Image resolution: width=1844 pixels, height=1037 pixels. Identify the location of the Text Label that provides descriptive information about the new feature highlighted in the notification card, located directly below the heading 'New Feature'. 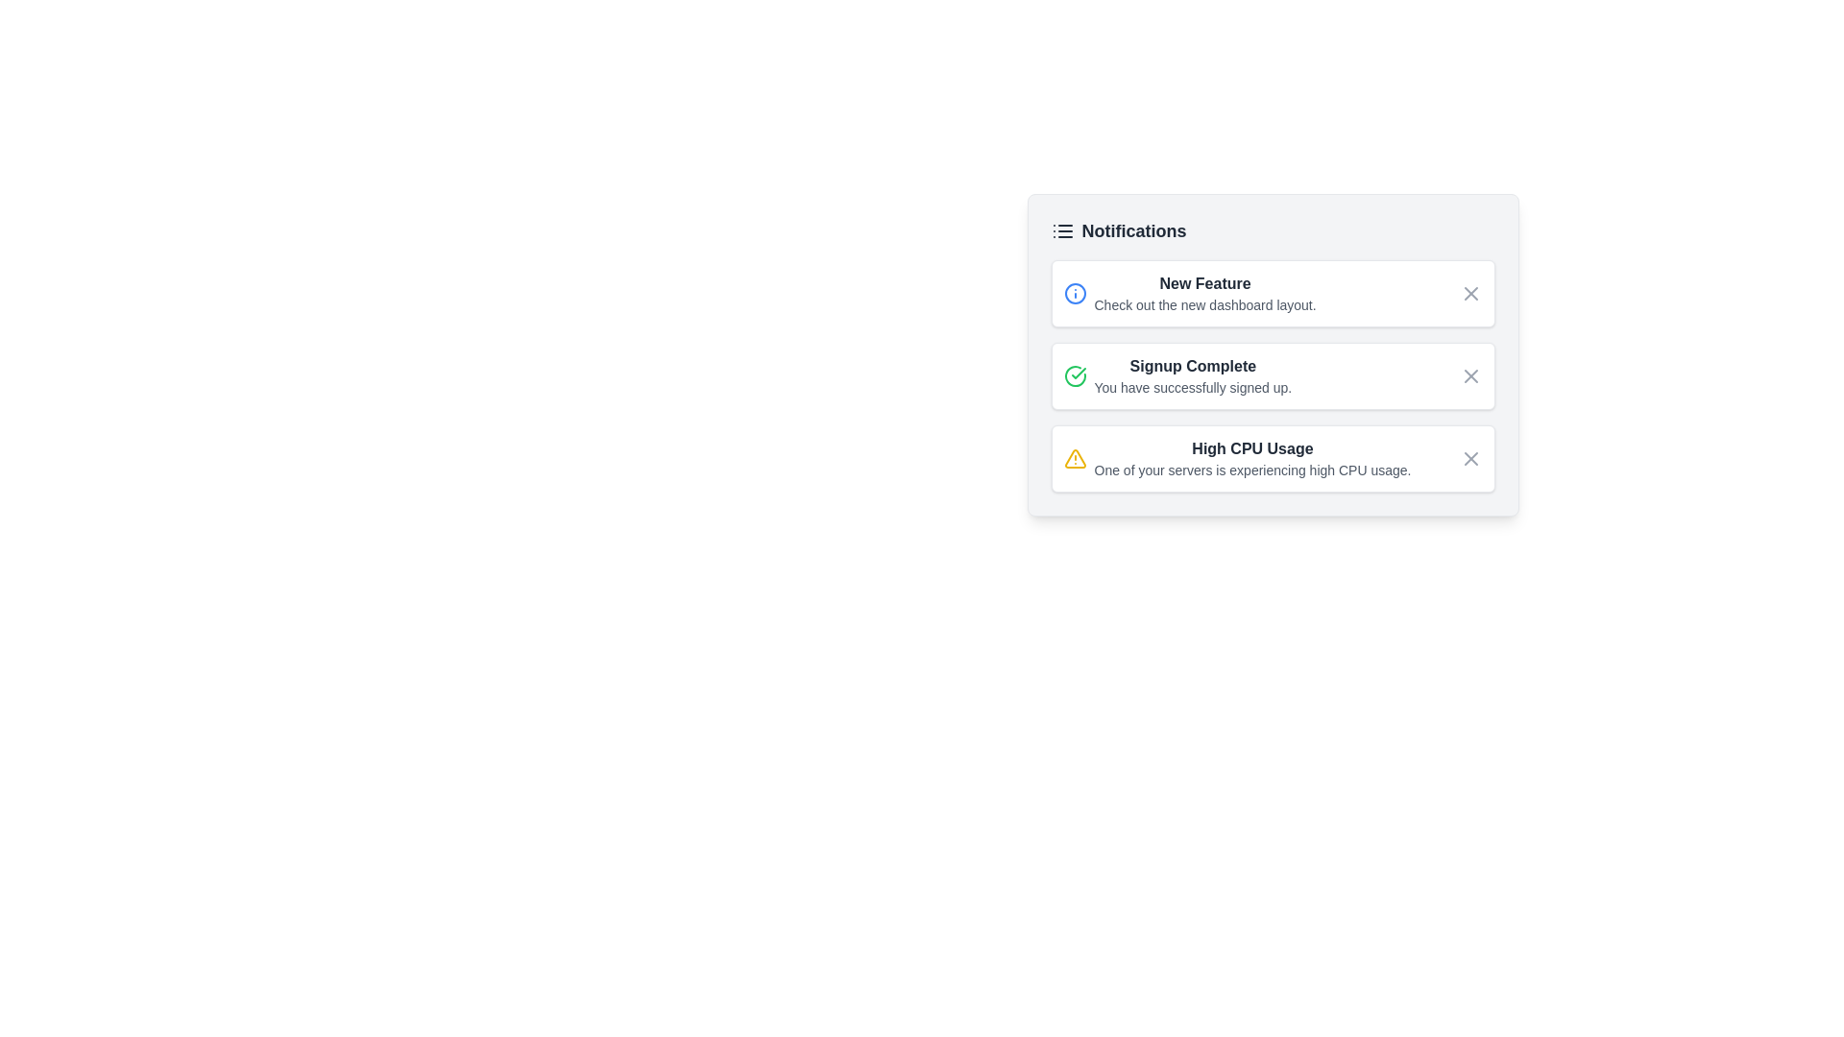
(1204, 303).